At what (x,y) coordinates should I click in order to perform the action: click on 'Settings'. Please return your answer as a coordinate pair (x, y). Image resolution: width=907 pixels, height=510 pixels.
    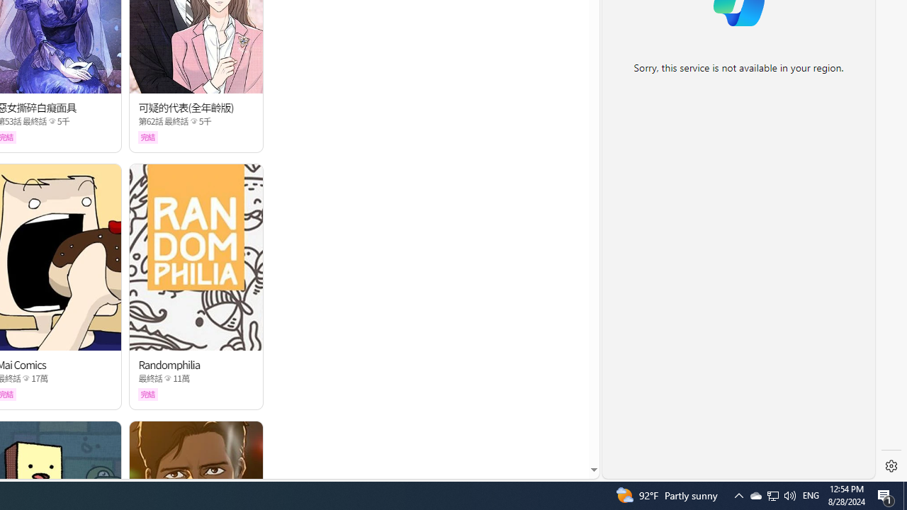
    Looking at the image, I should click on (891, 466).